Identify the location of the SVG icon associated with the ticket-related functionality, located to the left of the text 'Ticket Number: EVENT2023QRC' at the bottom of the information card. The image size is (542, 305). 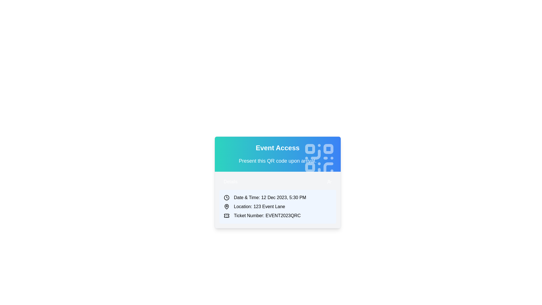
(226, 215).